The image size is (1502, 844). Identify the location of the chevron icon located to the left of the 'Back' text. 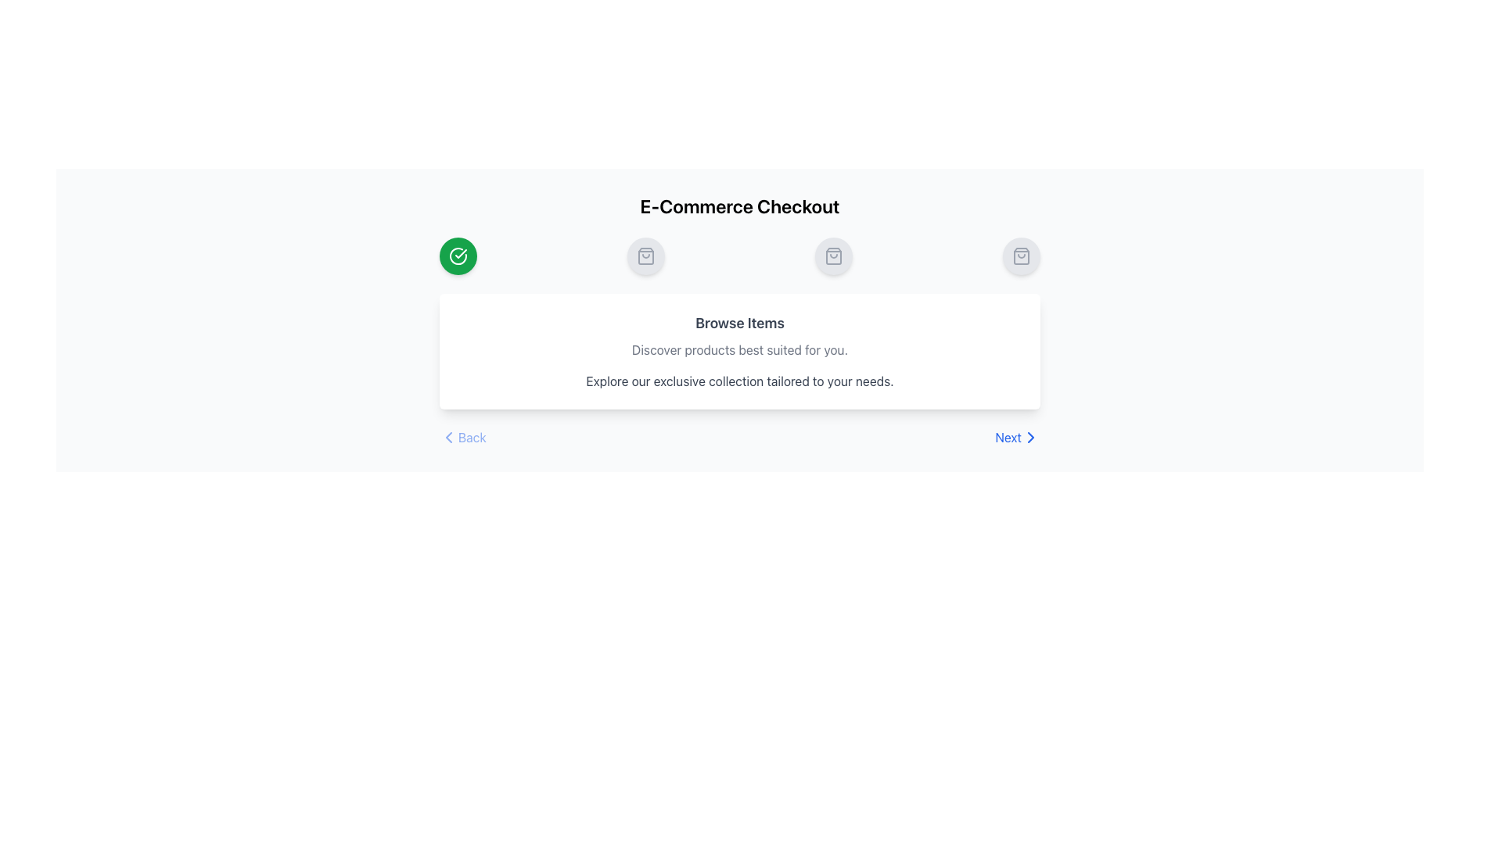
(448, 437).